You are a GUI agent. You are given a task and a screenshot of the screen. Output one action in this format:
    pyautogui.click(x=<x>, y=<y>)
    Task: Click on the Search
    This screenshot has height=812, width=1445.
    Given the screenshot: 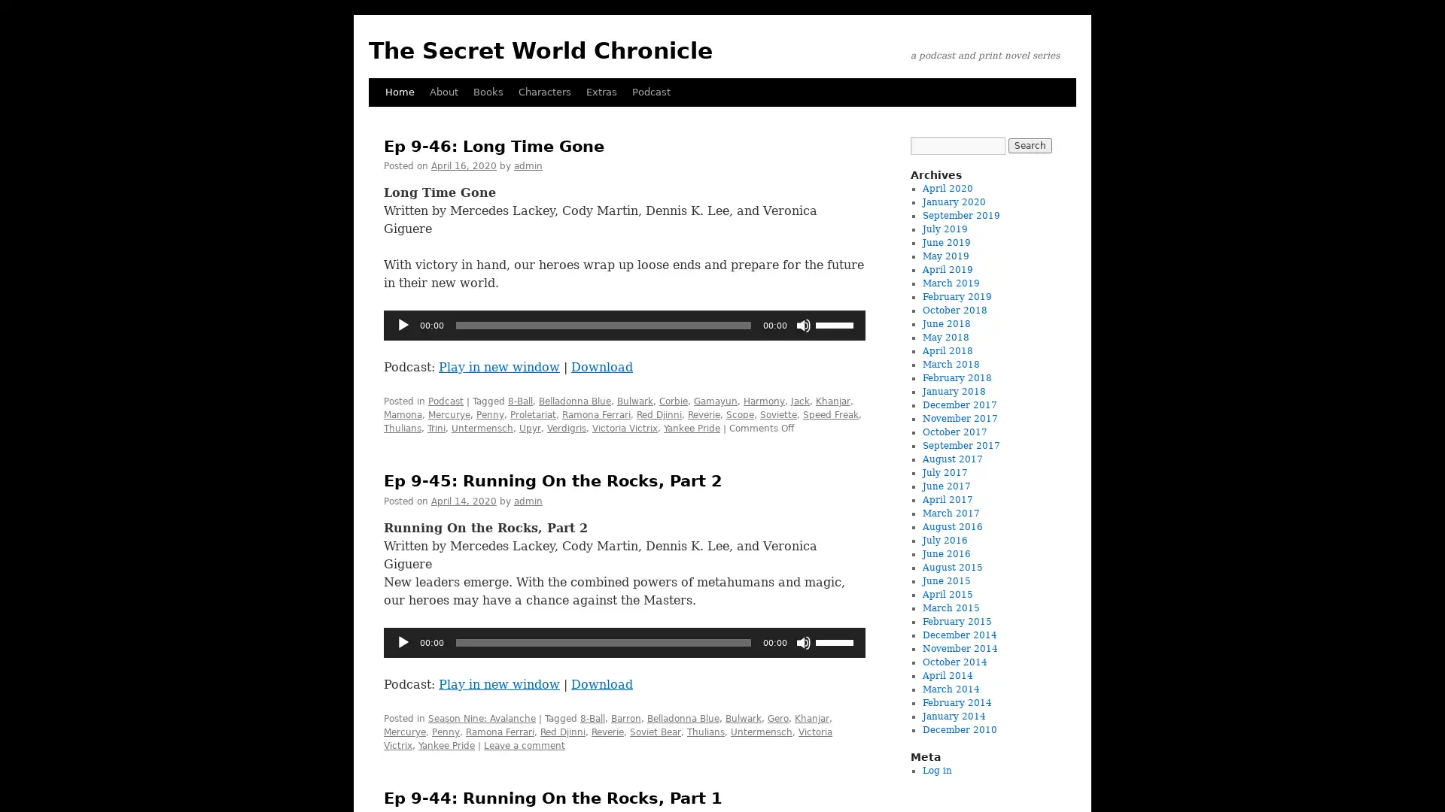 What is the action you would take?
    pyautogui.click(x=1029, y=145)
    